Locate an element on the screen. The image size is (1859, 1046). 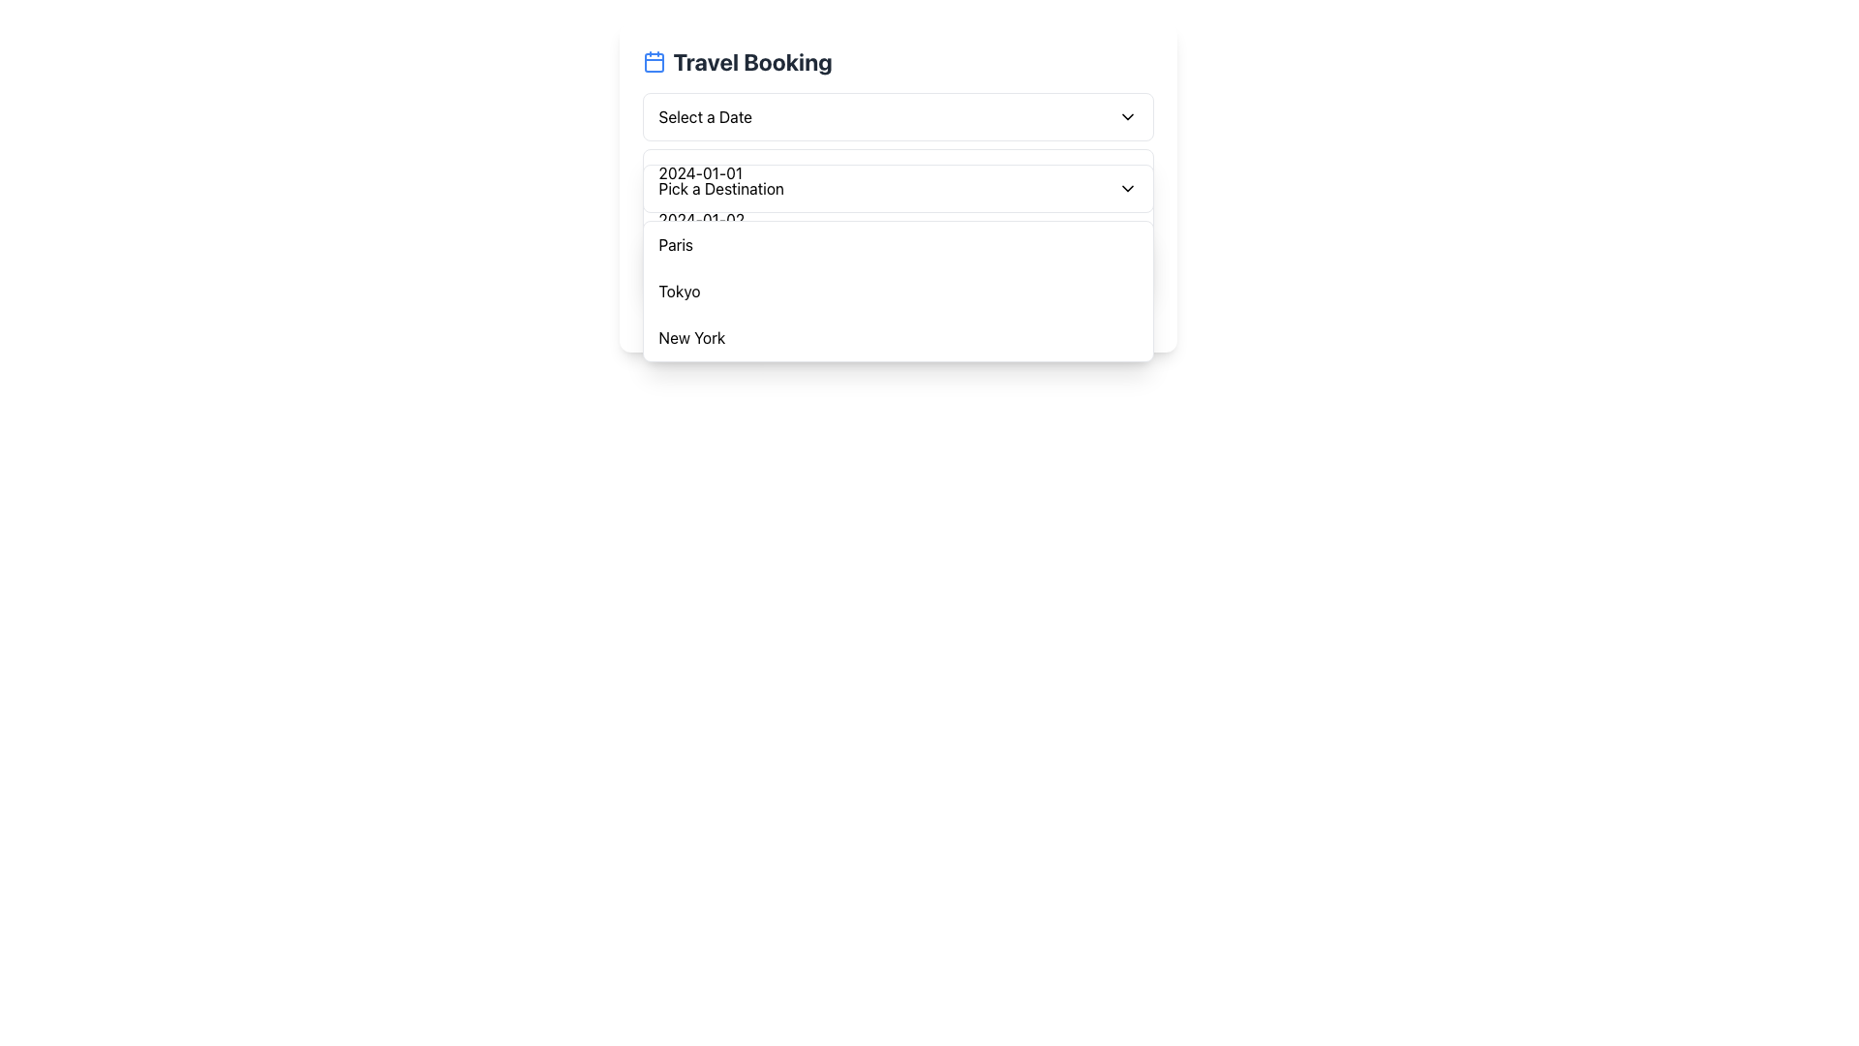
the 'Pick a Destination' dropdown menu is located at coordinates (897, 189).